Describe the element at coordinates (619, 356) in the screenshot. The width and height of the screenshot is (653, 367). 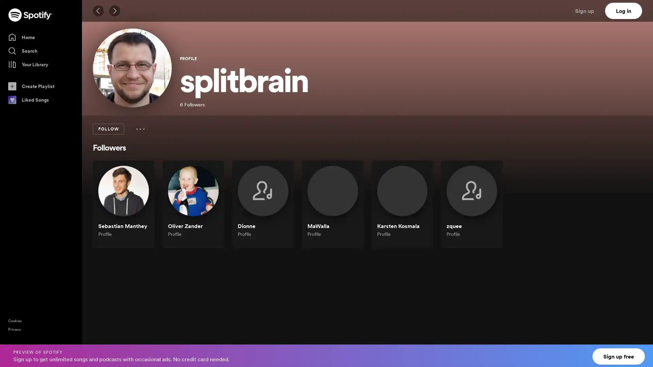
I see `Sign up free` at that location.